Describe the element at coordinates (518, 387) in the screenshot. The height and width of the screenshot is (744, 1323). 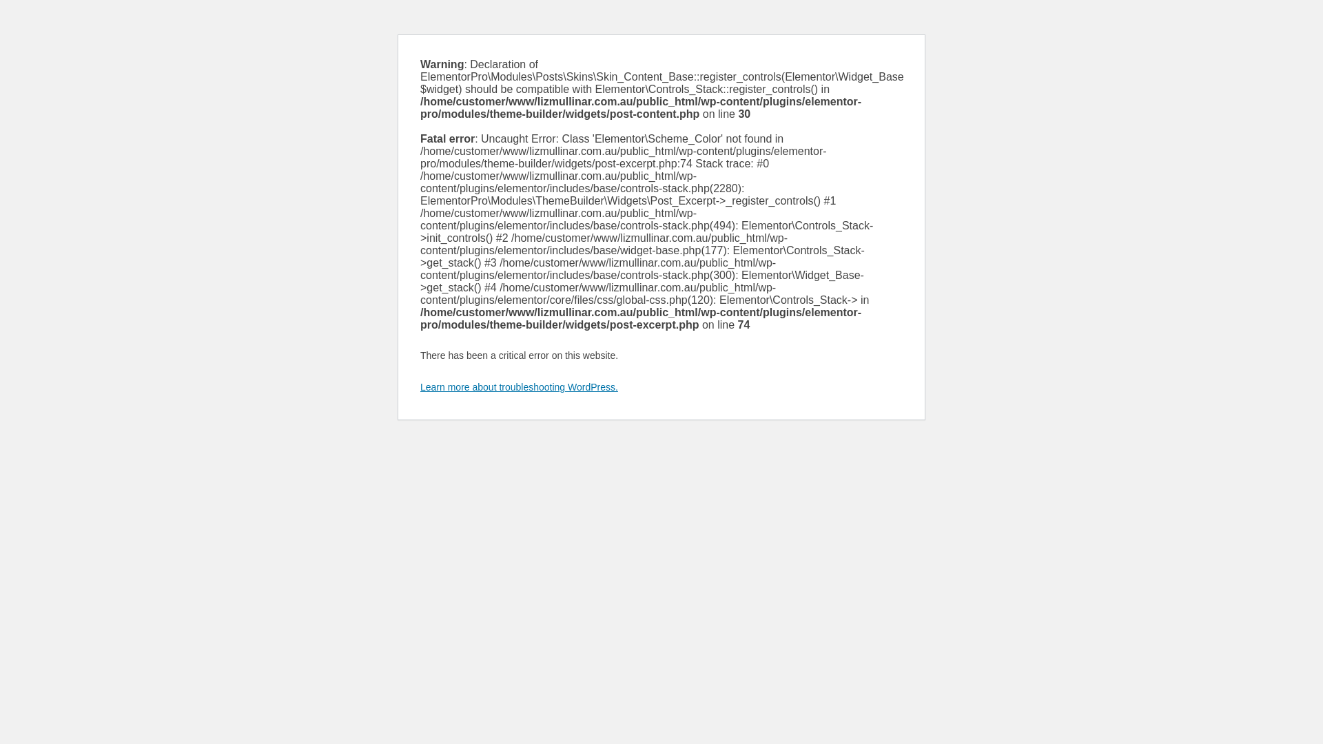
I see `'Learn more about troubleshooting WordPress.'` at that location.